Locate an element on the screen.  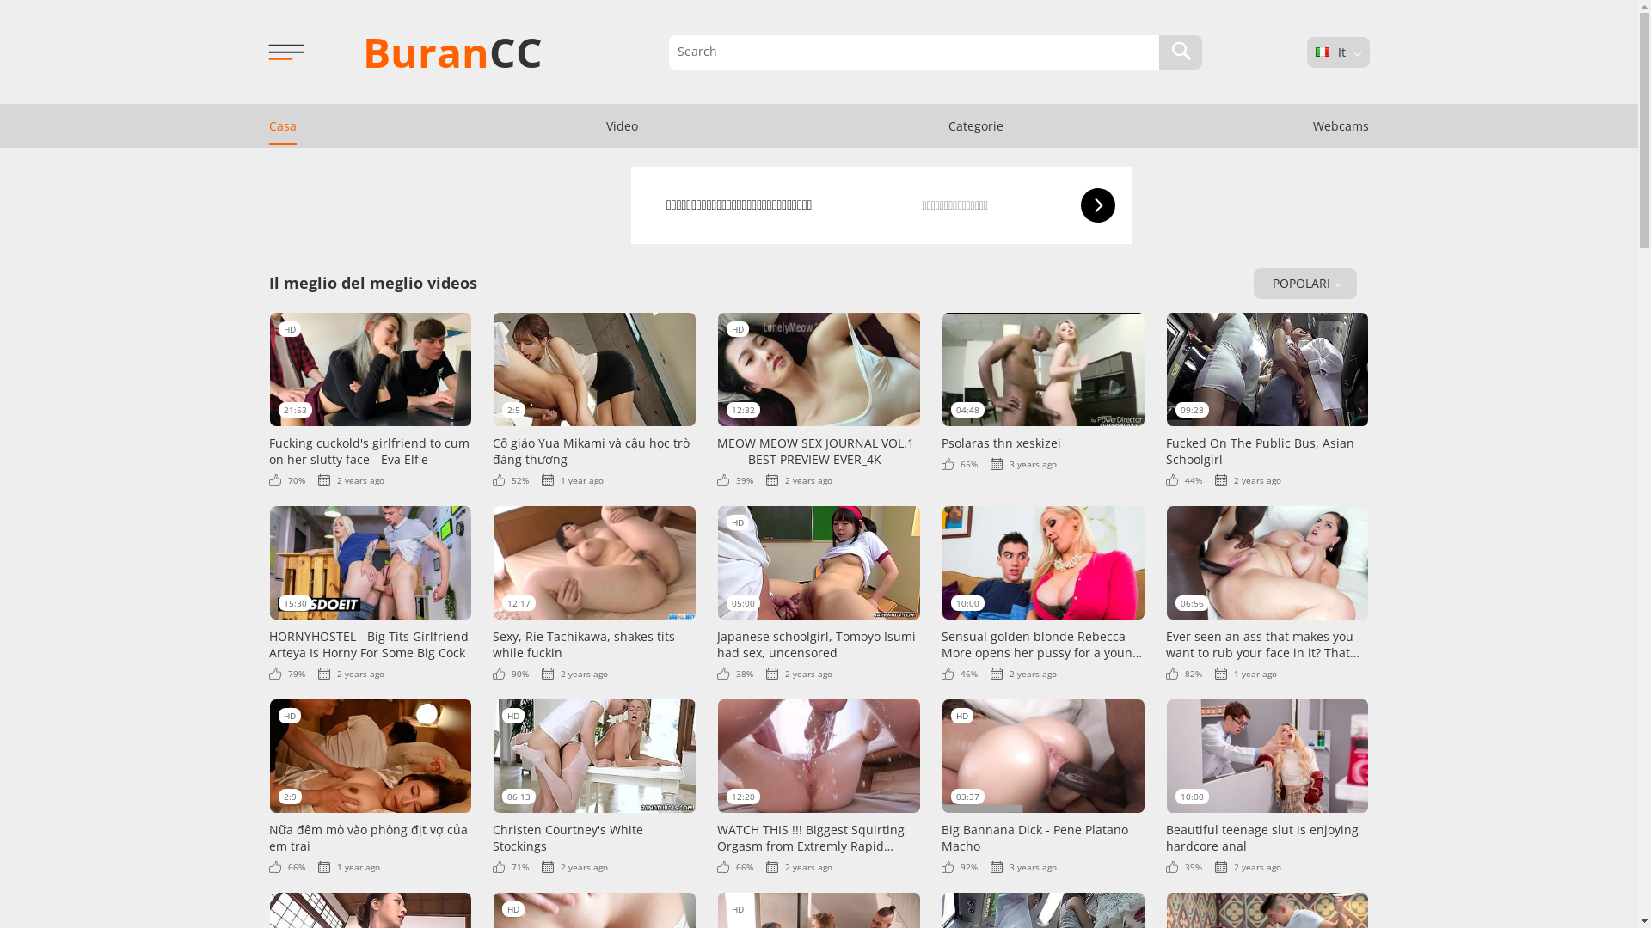
'Casa' is located at coordinates (248, 125).